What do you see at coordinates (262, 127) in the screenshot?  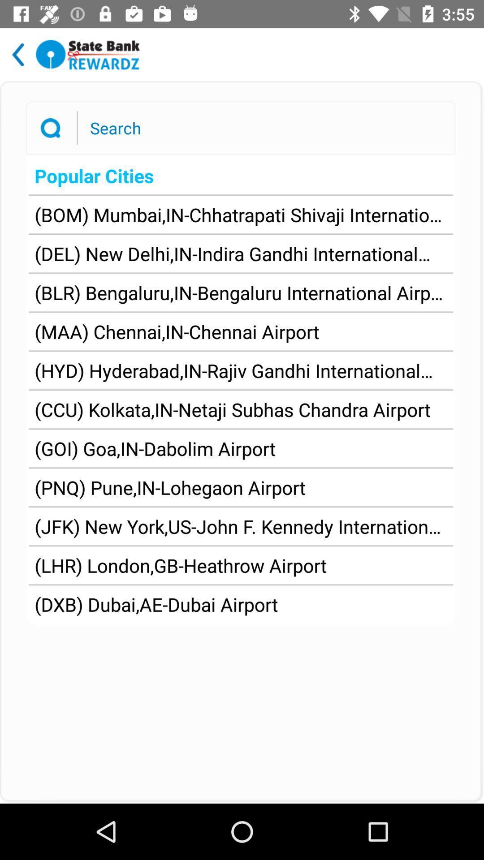 I see `text field to enter a search` at bounding box center [262, 127].